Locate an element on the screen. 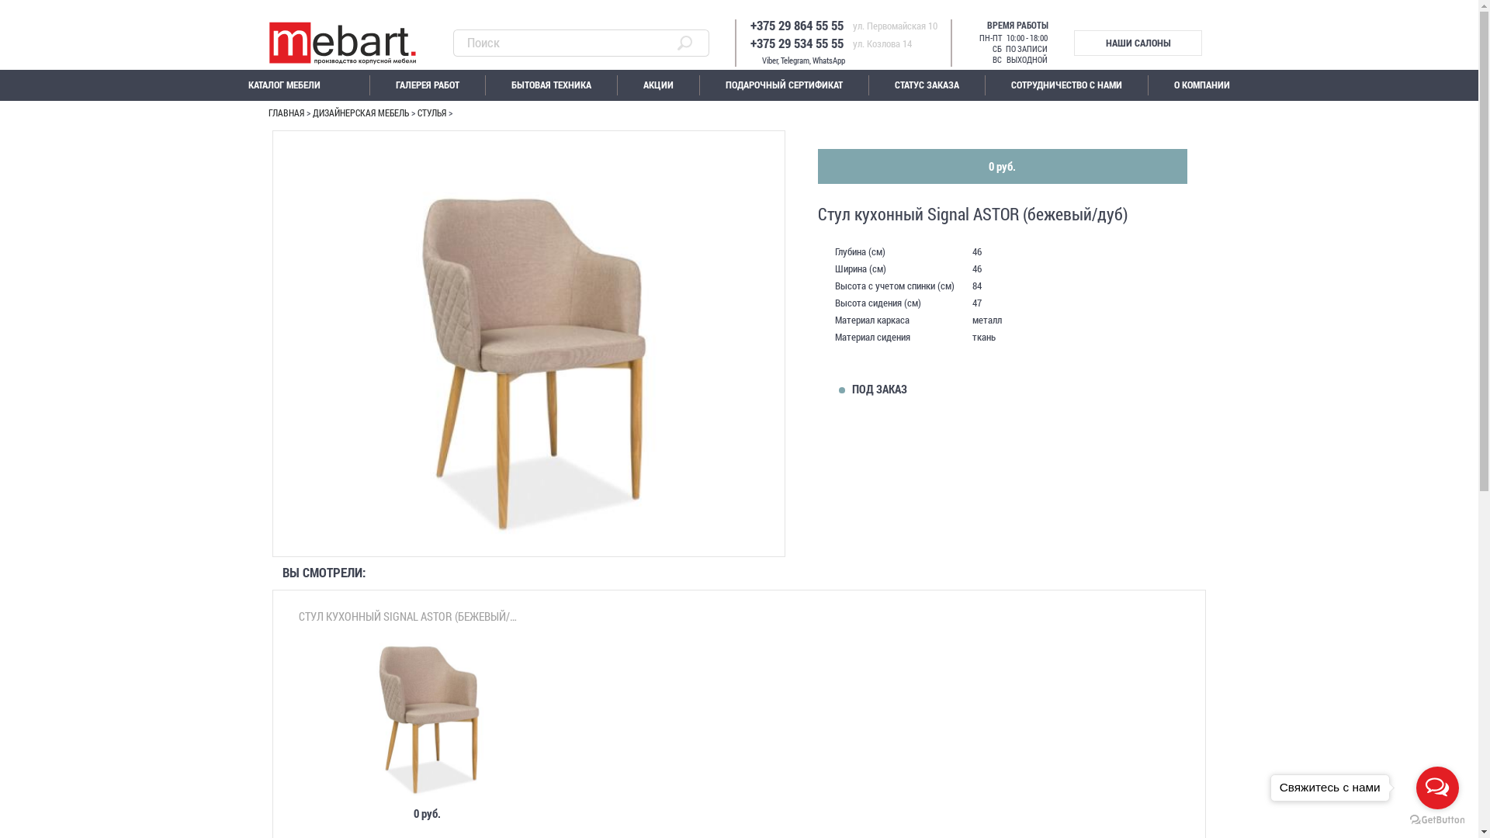 Image resolution: width=1490 pixels, height=838 pixels. '+375 29 534 55 55' is located at coordinates (723, 38).